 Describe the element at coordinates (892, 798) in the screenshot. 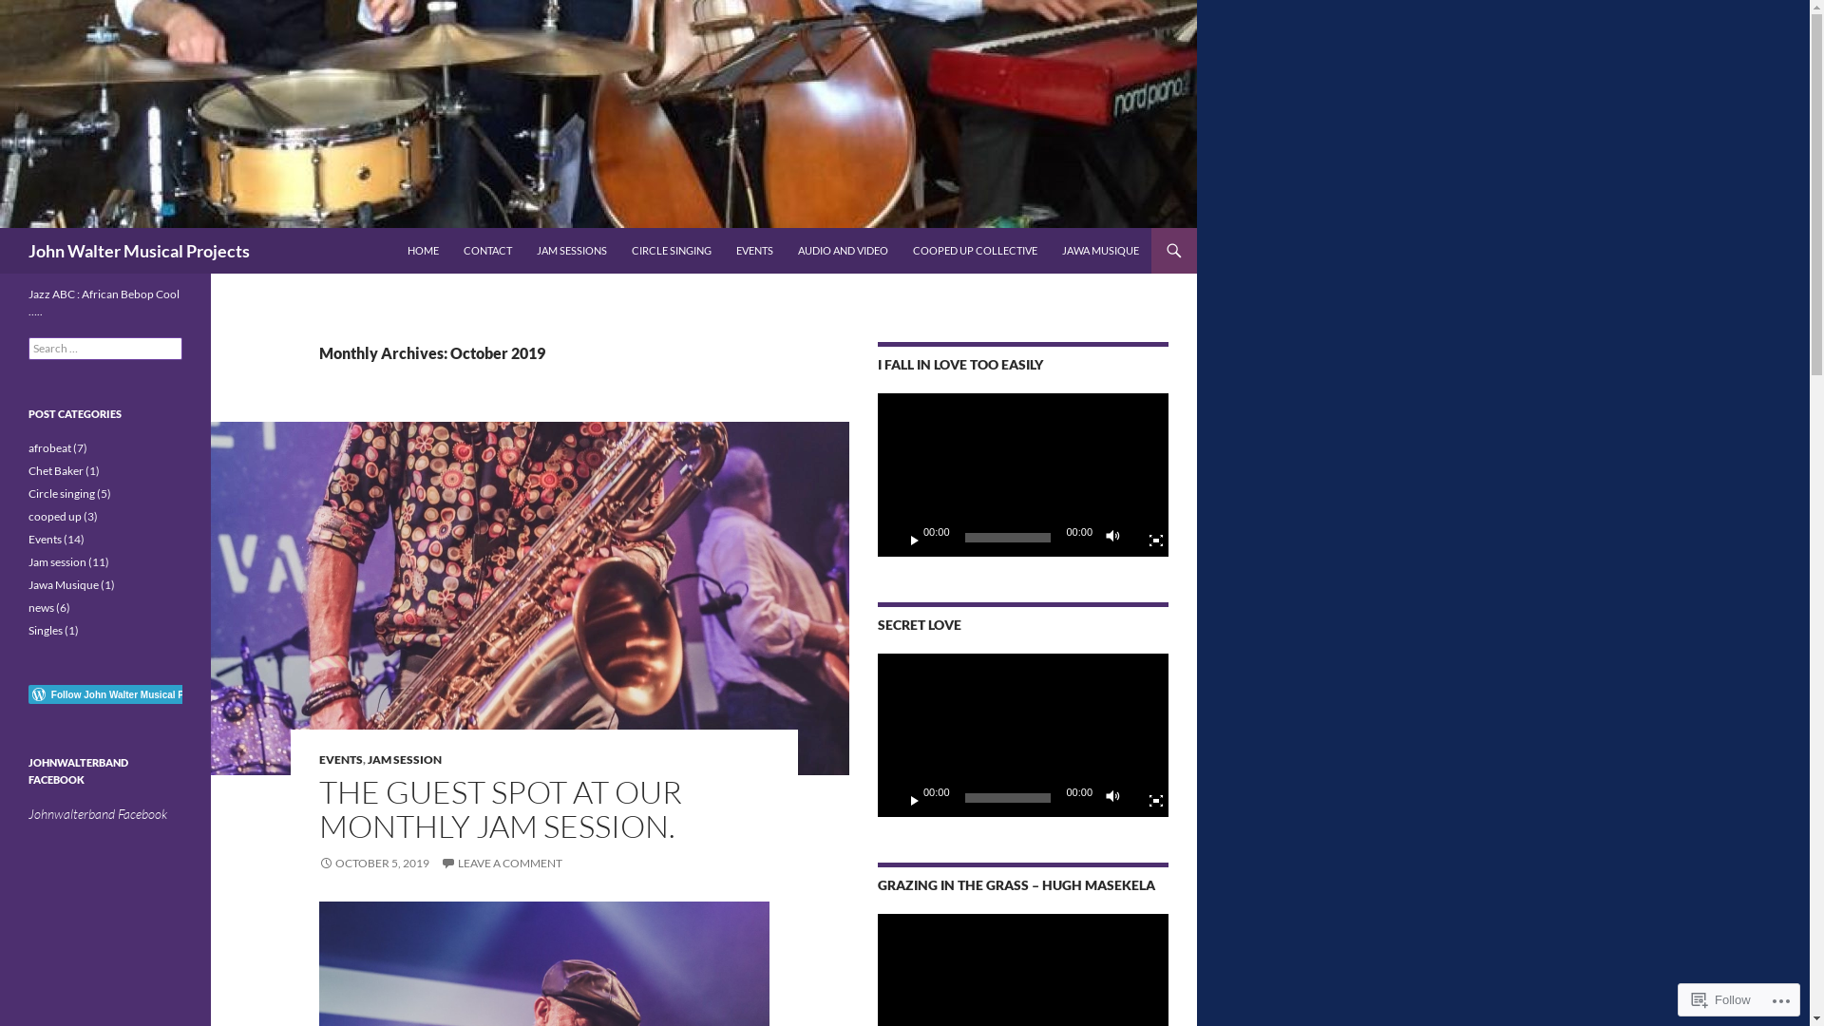

I see `'Play'` at that location.